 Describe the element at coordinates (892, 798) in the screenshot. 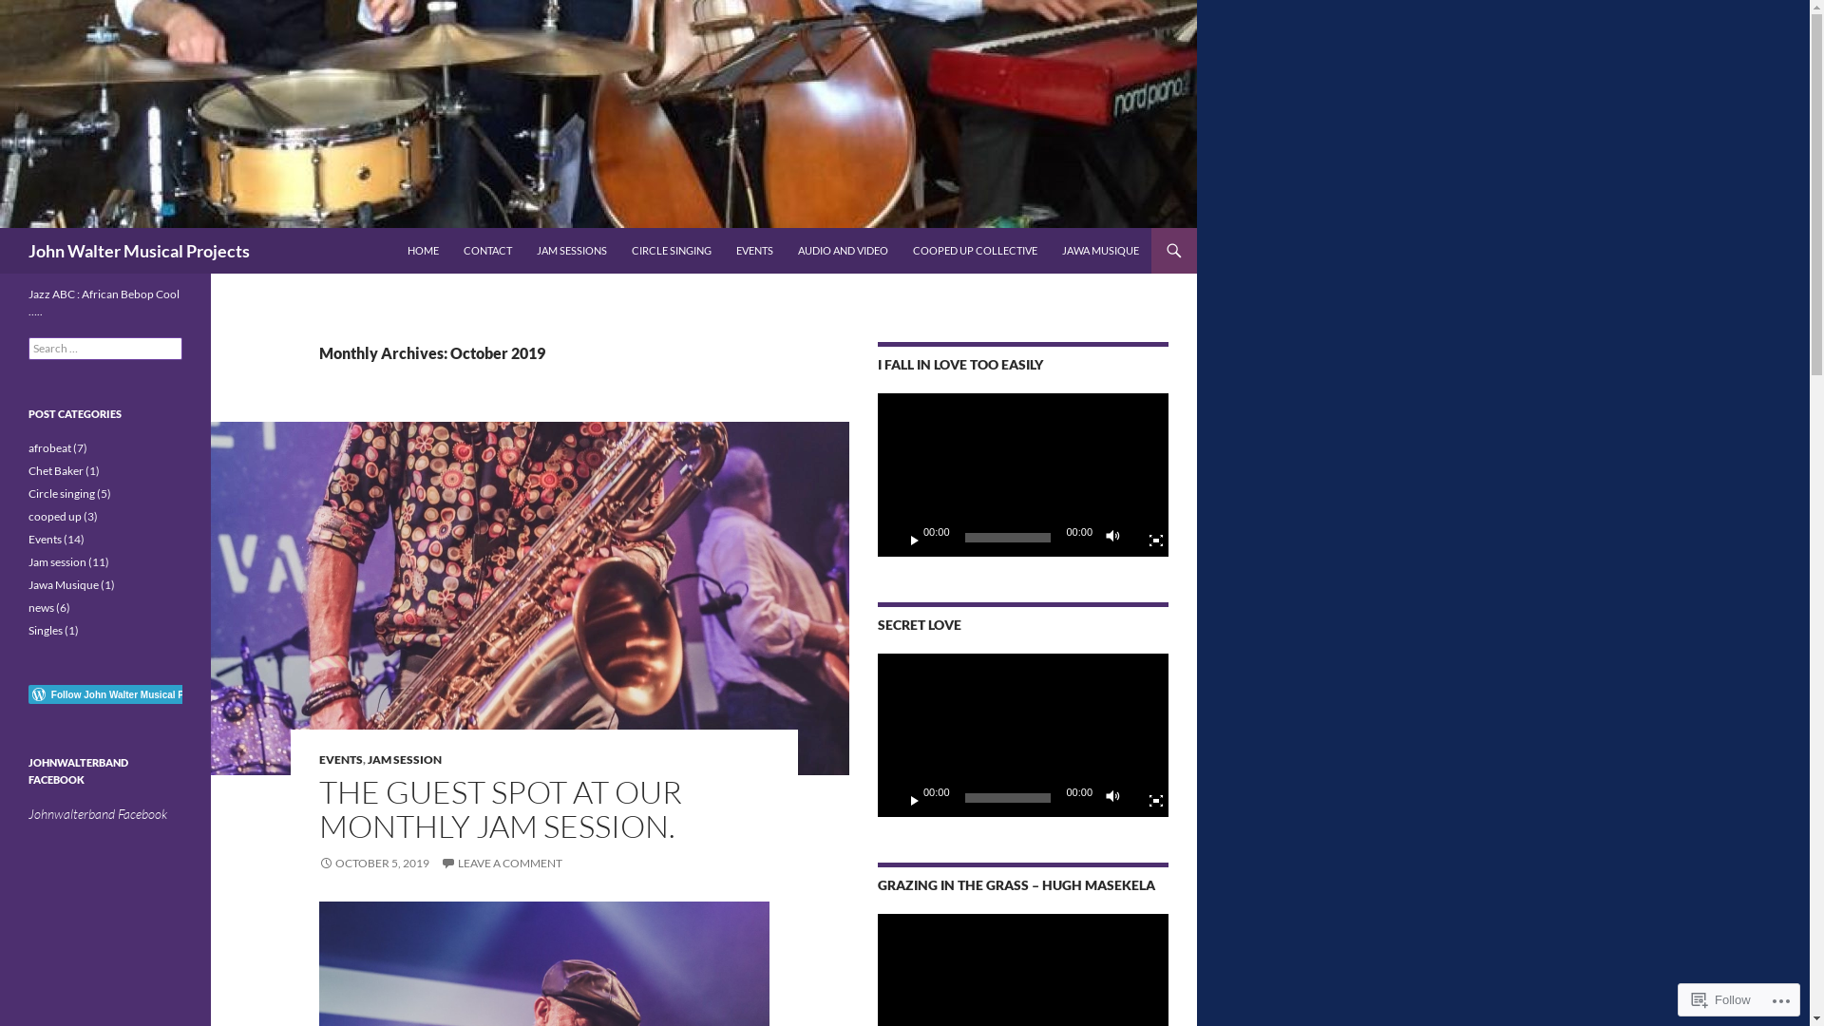

I see `'Play'` at that location.